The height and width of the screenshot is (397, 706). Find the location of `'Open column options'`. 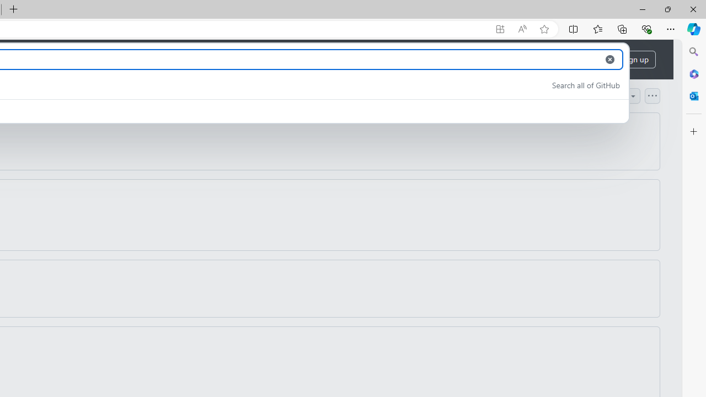

'Open column options' is located at coordinates (652, 95).